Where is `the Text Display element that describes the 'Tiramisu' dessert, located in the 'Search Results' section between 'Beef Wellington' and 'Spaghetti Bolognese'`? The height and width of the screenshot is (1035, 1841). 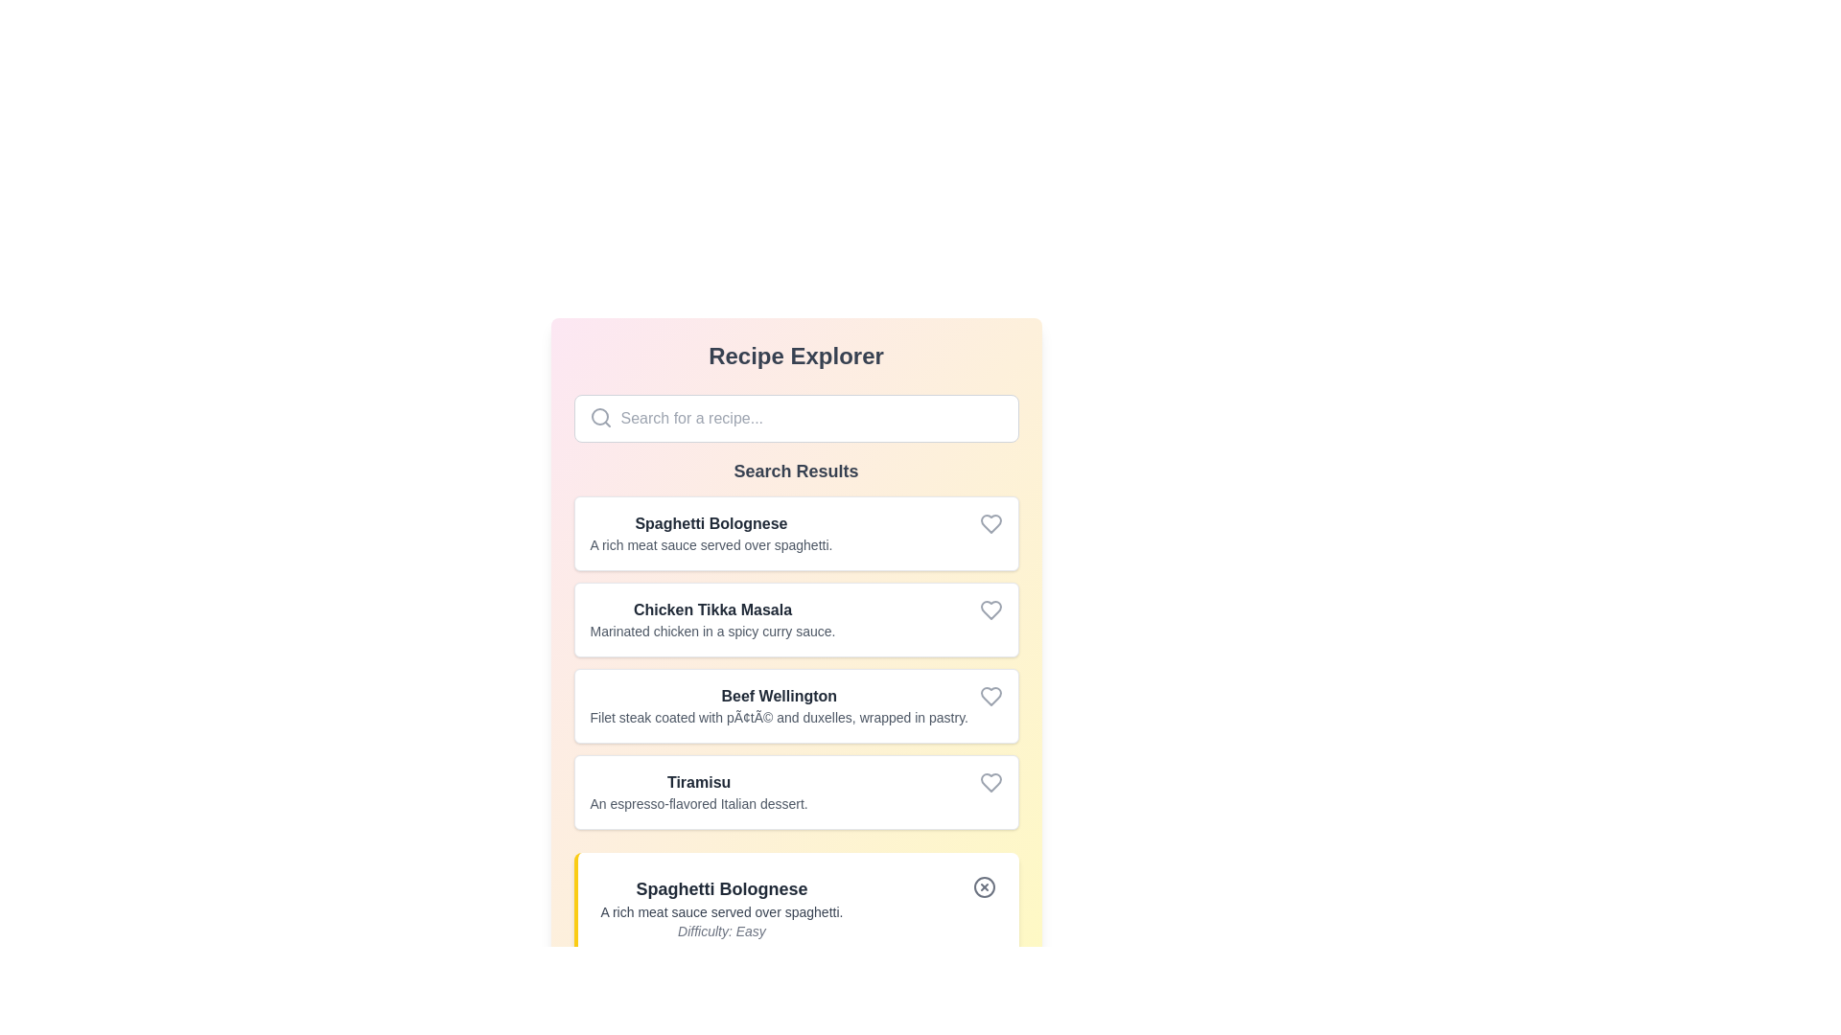
the Text Display element that describes the 'Tiramisu' dessert, located in the 'Search Results' section between 'Beef Wellington' and 'Spaghetti Bolognese' is located at coordinates (698, 792).